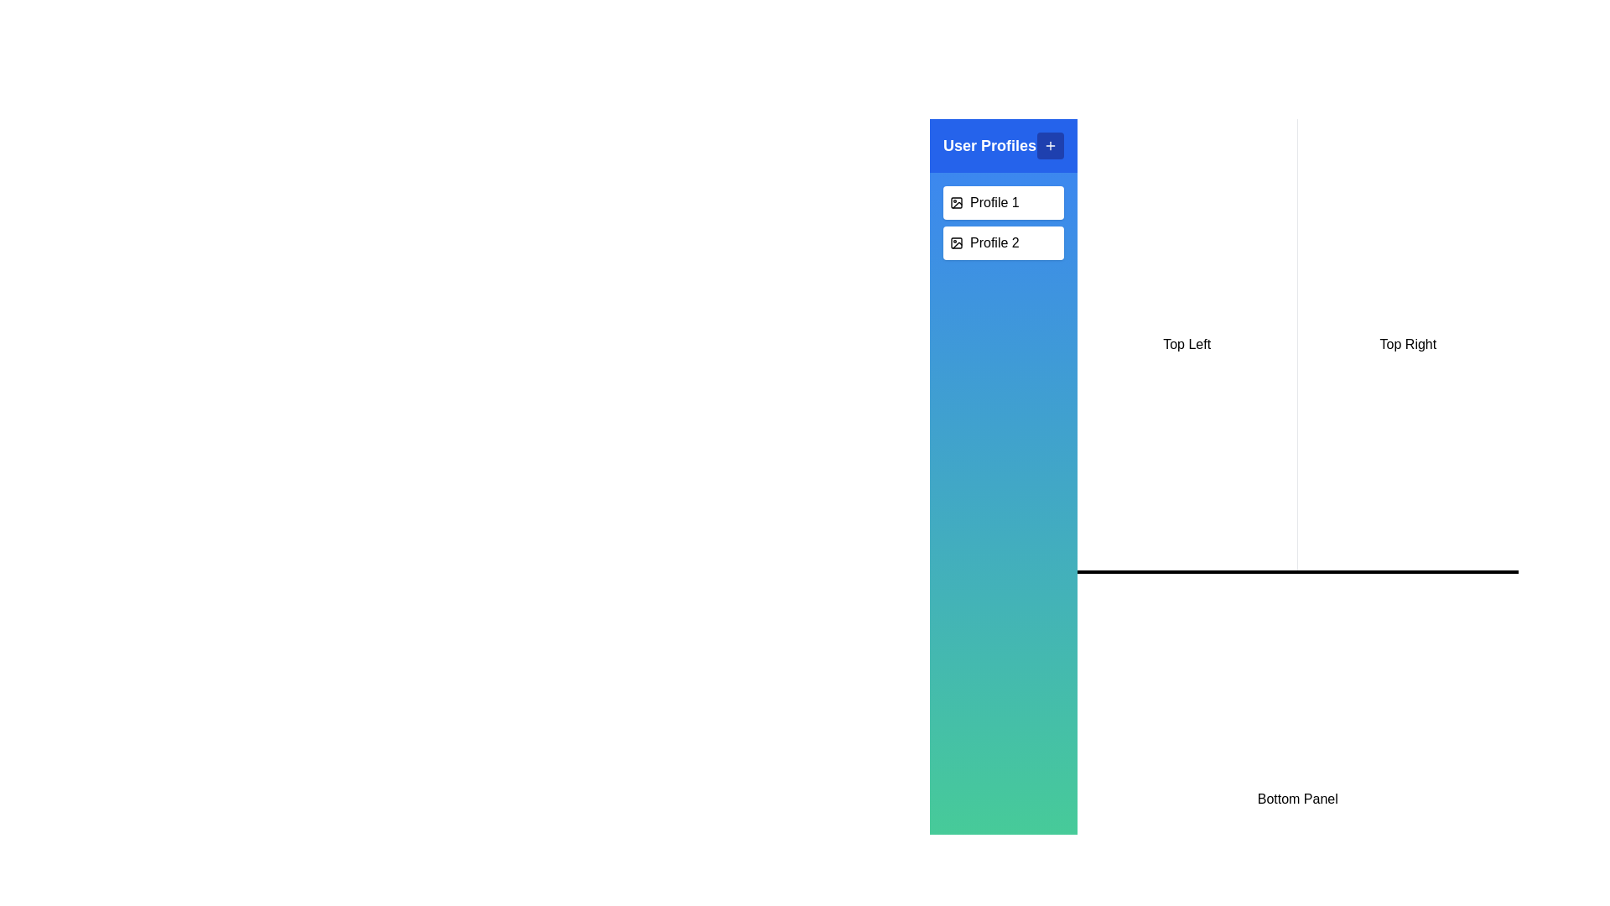  I want to click on small rounded rectangle SVG shape next to the 'Profile 2' text label for debugging purposes, so click(957, 242).